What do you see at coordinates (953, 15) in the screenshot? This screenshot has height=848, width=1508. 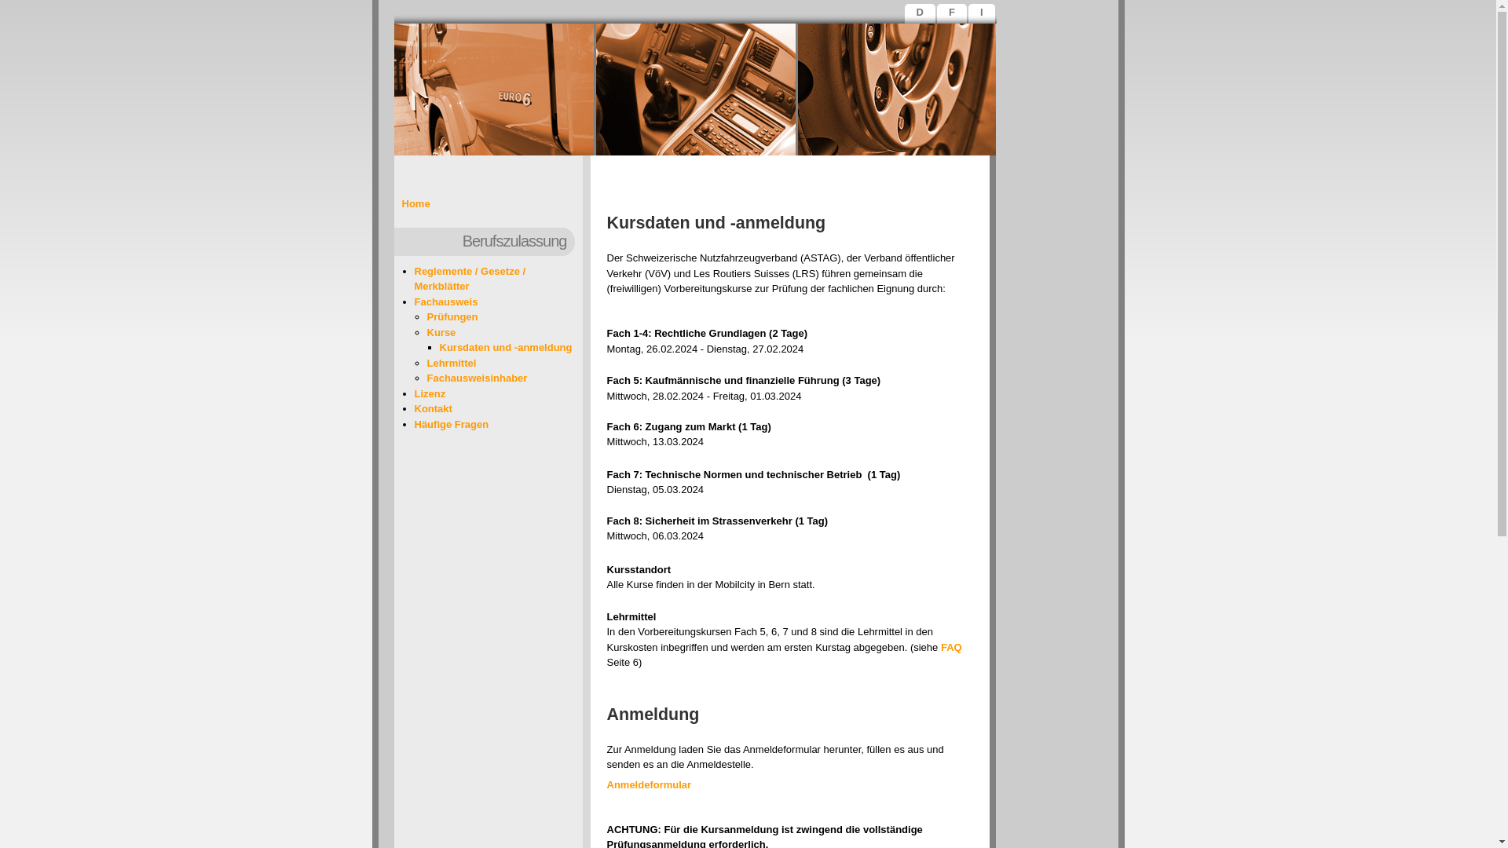 I see `'F'` at bounding box center [953, 15].